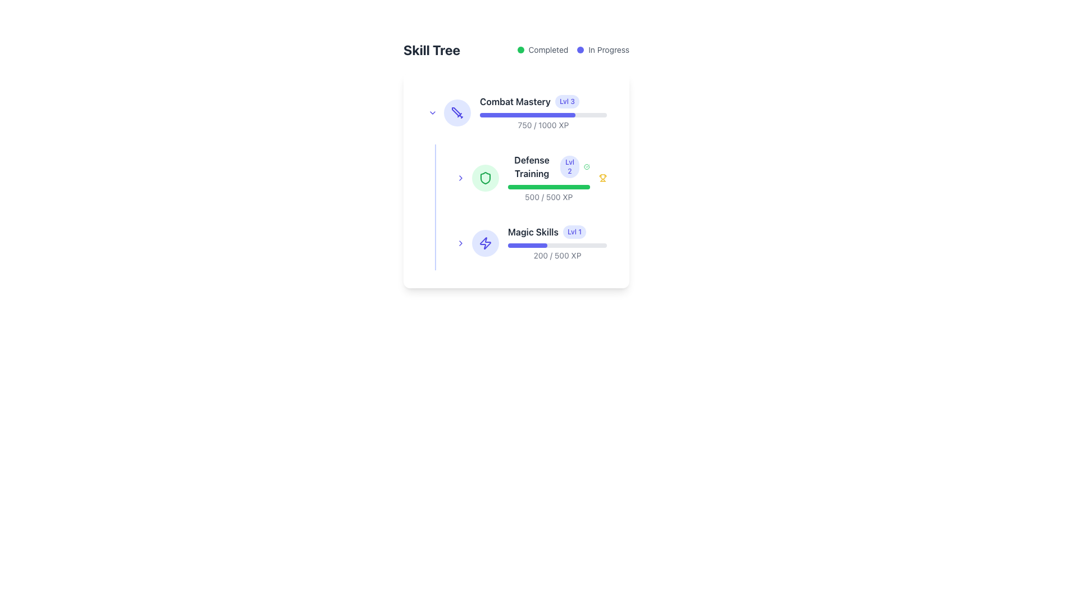 The width and height of the screenshot is (1079, 607). Describe the element at coordinates (530, 177) in the screenshot. I see `the 'Defense Training' skill card, which is the second item in the skill tree list, positioned under 'Combat Mastery' and above 'Magic Skills'` at that location.